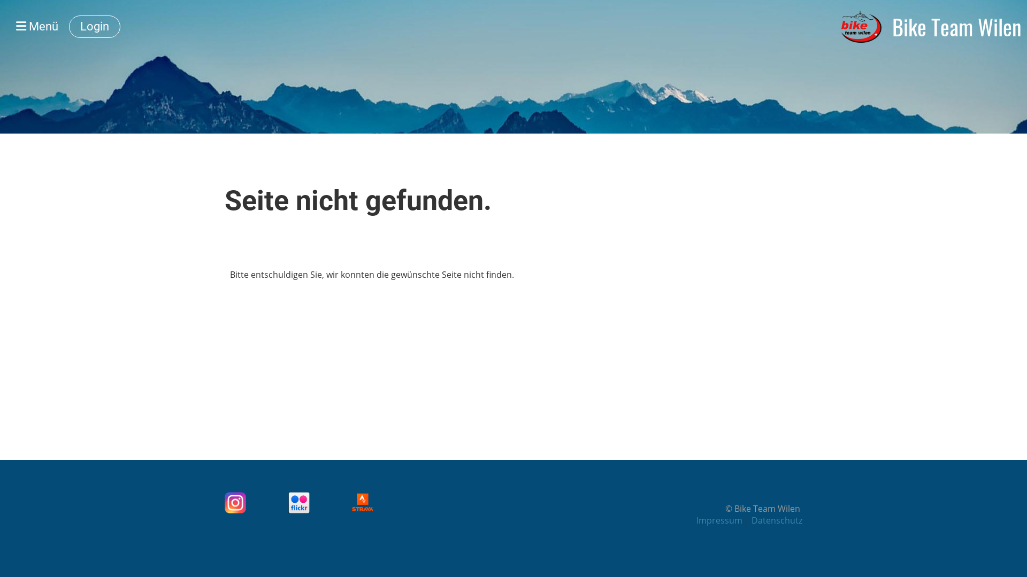  I want to click on 'Bike Team Wilen', so click(957, 26).